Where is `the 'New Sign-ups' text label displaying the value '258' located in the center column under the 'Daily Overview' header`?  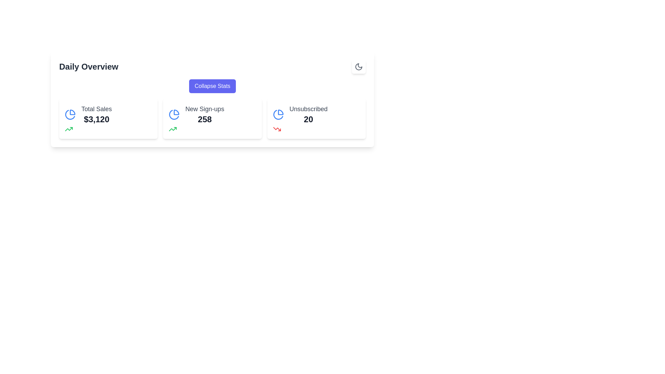 the 'New Sign-ups' text label displaying the value '258' located in the center column under the 'Daily Overview' header is located at coordinates (204, 114).